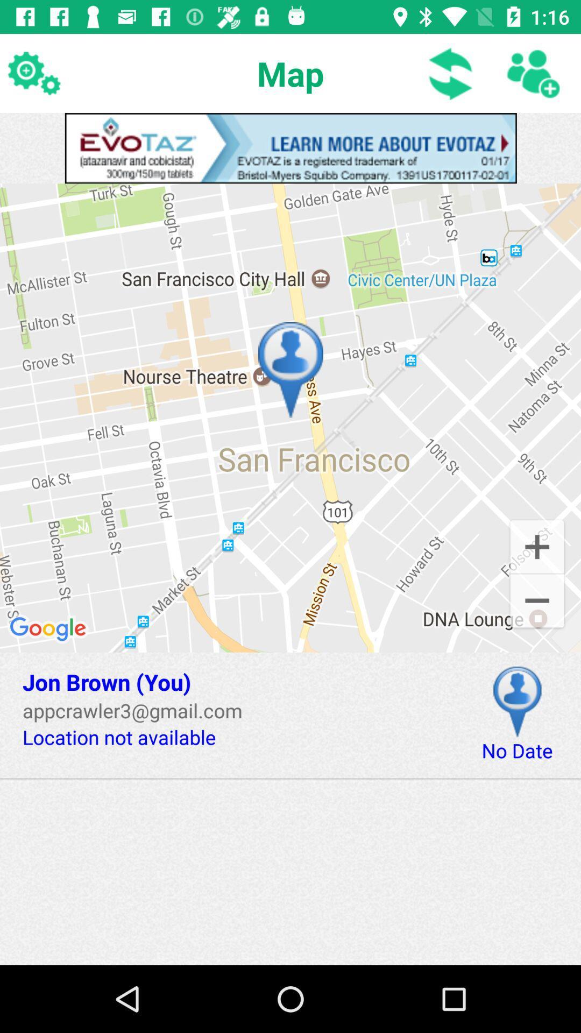 The image size is (581, 1033). Describe the element at coordinates (537, 546) in the screenshot. I see `the add icon` at that location.